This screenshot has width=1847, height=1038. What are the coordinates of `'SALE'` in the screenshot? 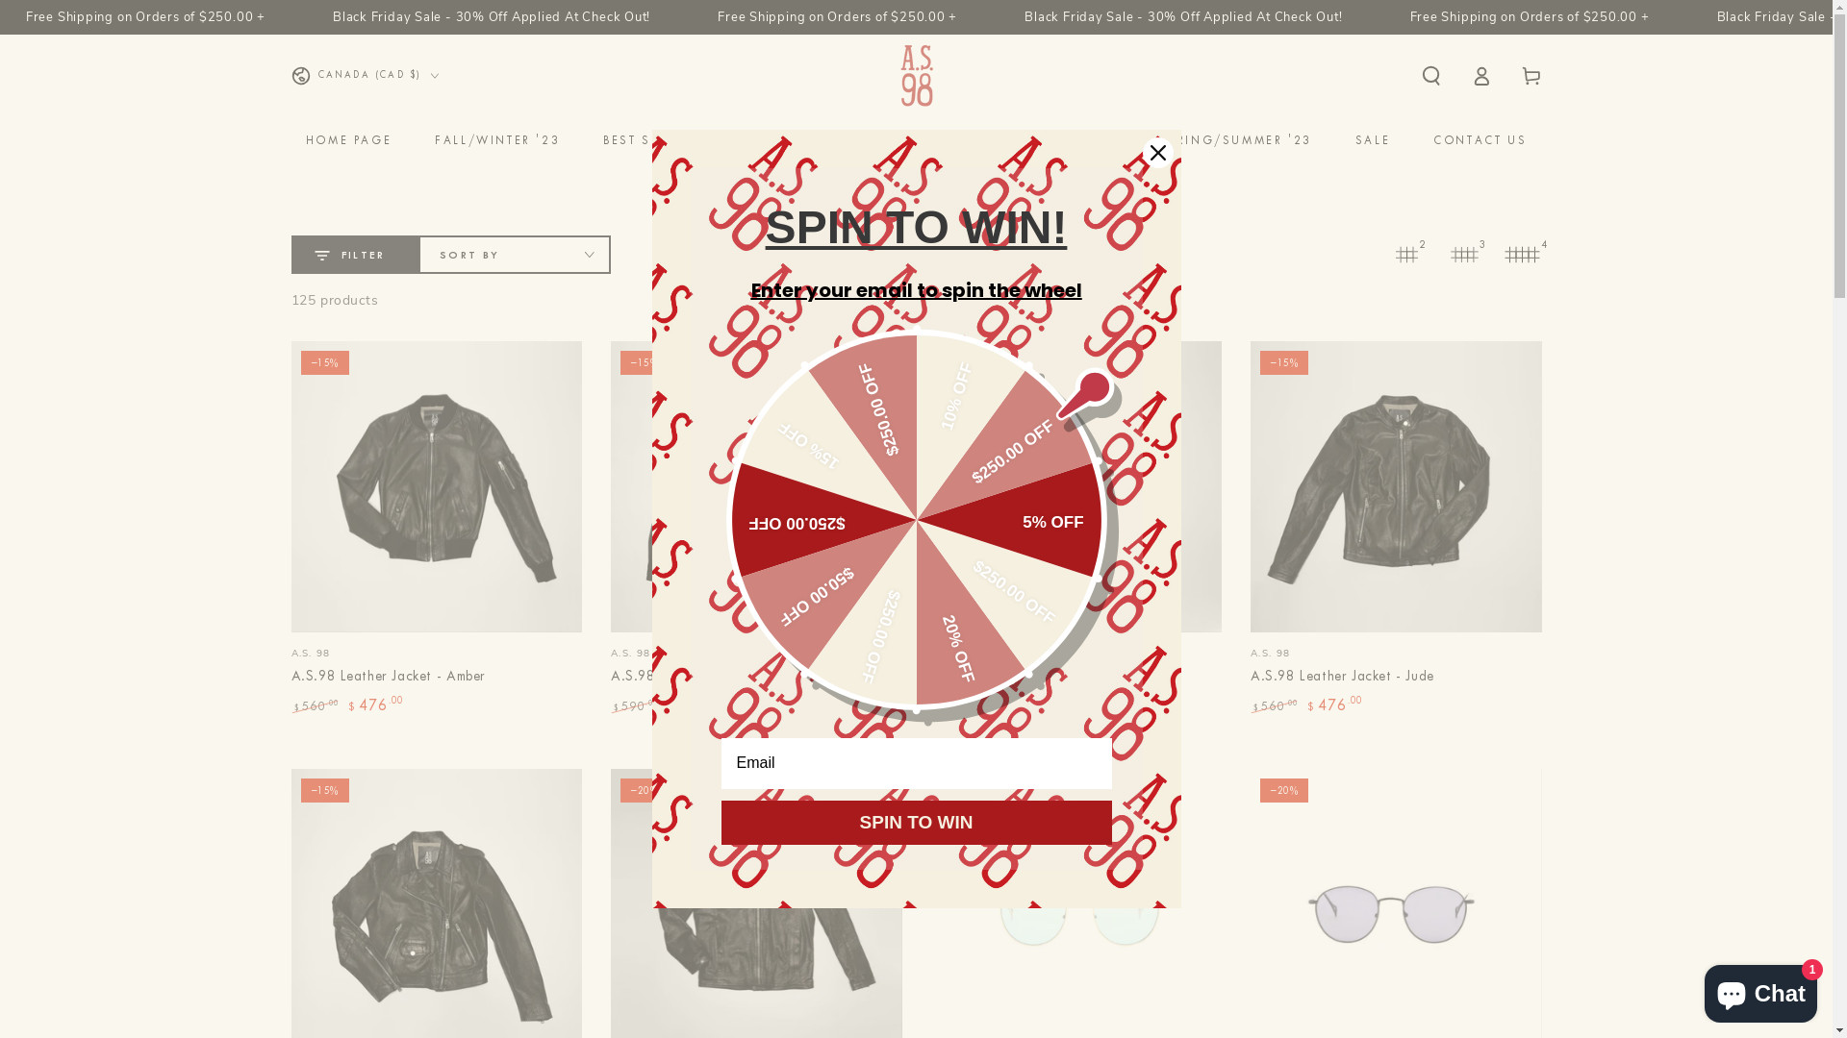 It's located at (1371, 138).